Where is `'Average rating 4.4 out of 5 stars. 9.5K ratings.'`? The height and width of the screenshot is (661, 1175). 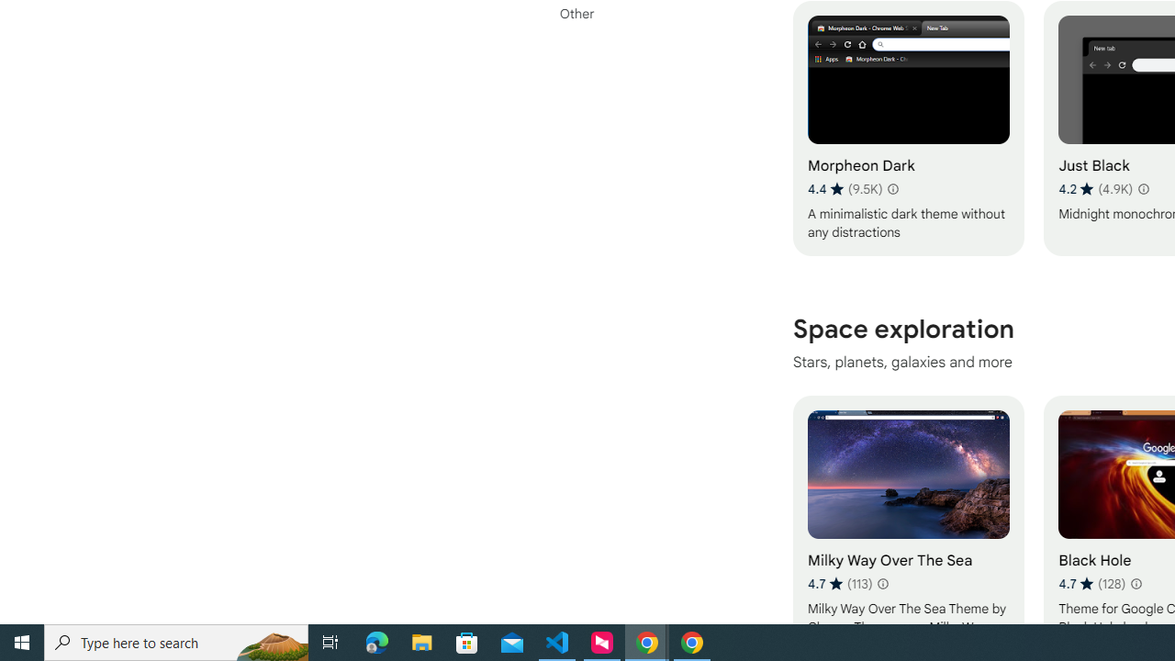
'Average rating 4.4 out of 5 stars. 9.5K ratings.' is located at coordinates (844, 188).